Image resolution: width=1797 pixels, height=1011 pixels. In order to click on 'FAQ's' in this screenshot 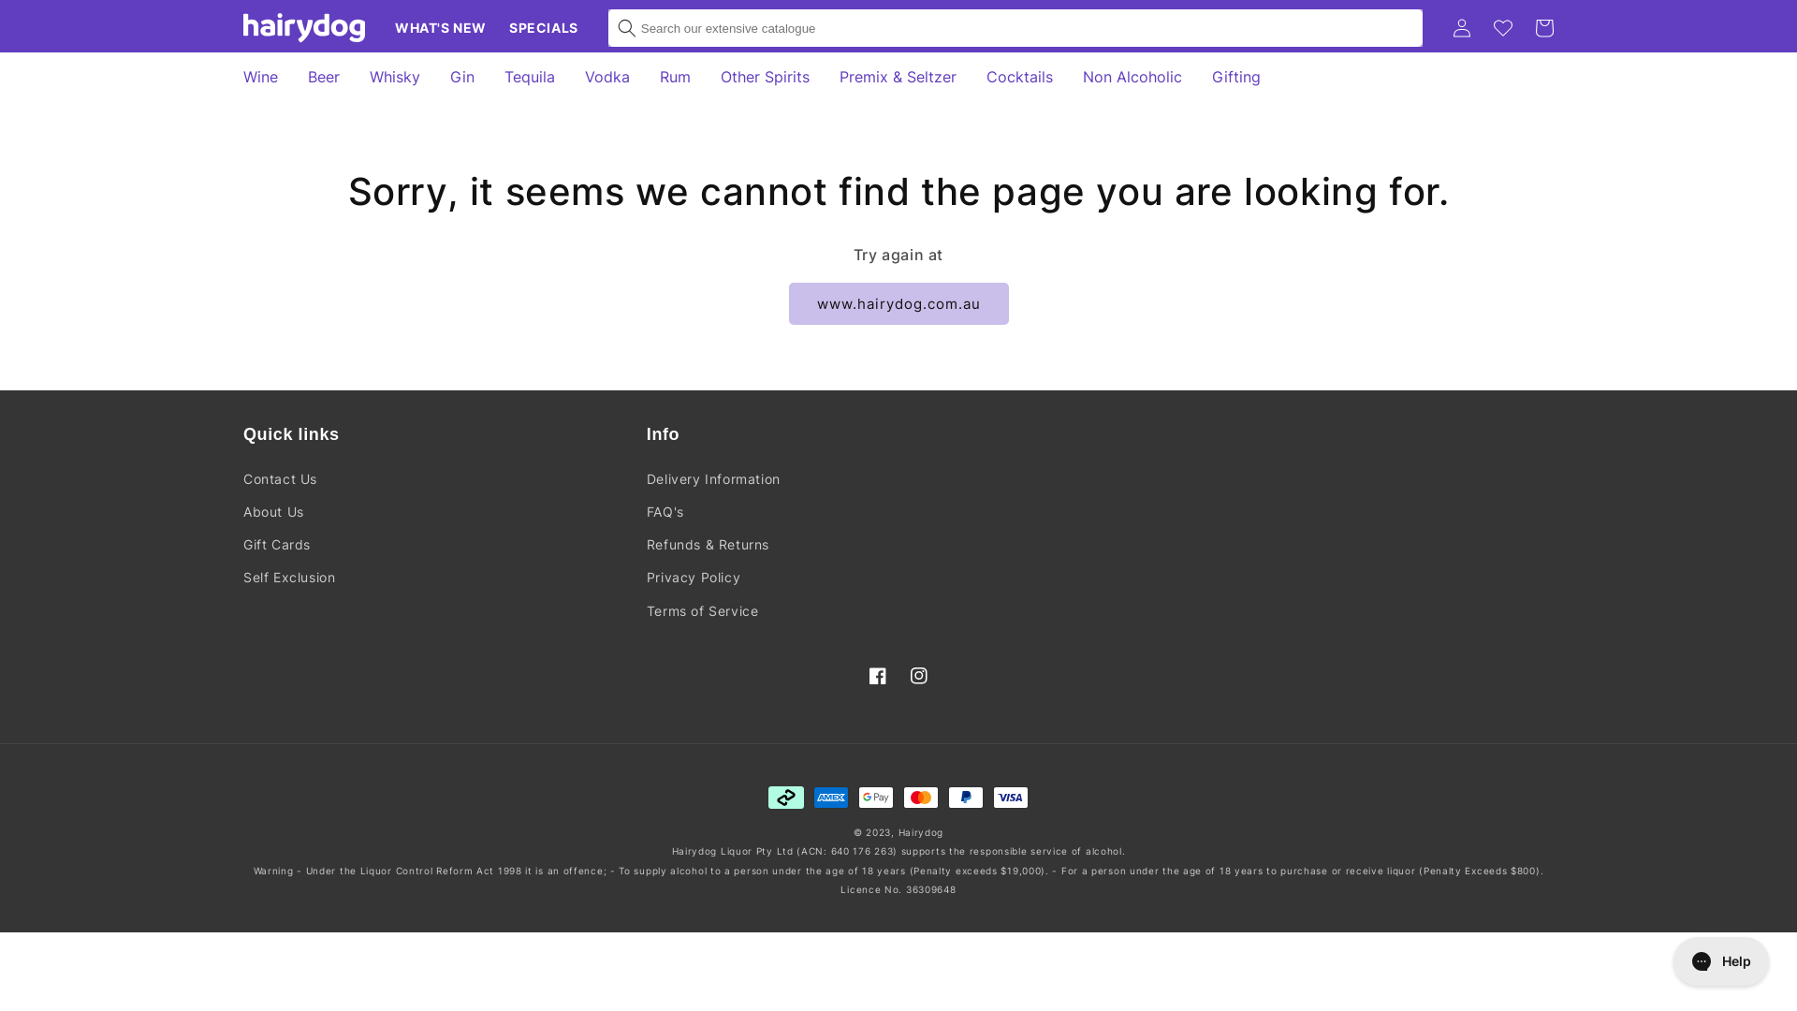, I will do `click(665, 511)`.